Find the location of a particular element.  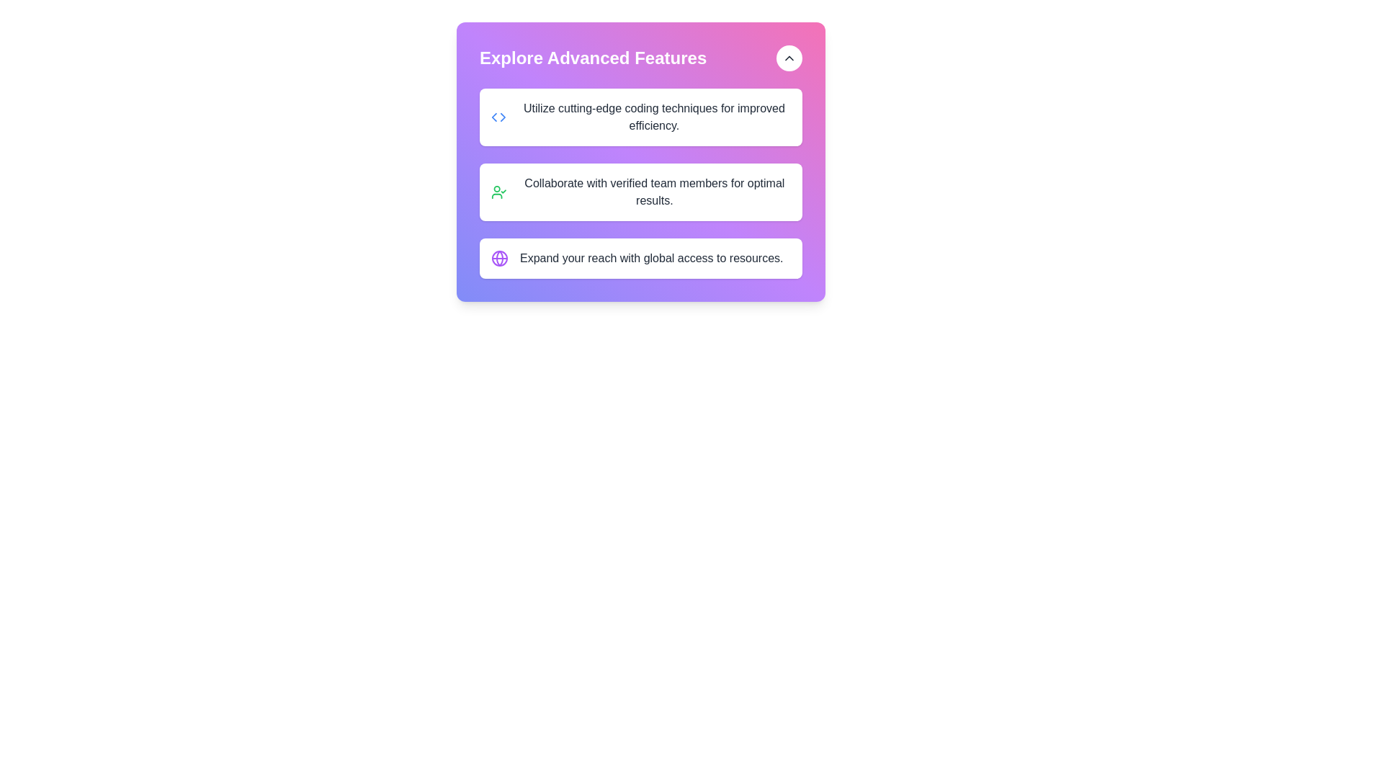

the header titled 'Explore Advanced Features' which is a horizontal bar with a gradient background transitioning from purple to pink is located at coordinates (640, 58).